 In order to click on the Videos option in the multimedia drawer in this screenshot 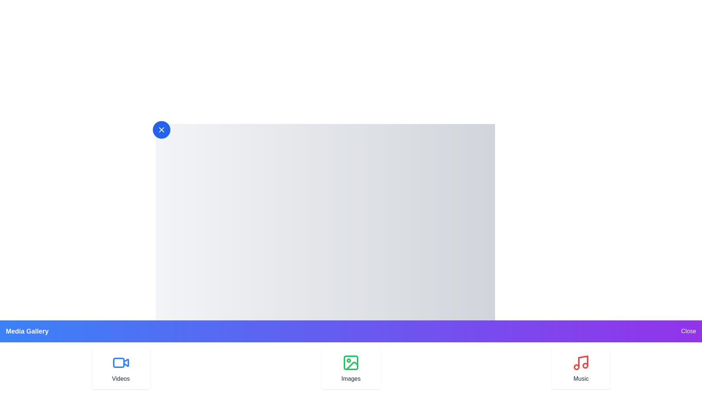, I will do `click(121, 368)`.